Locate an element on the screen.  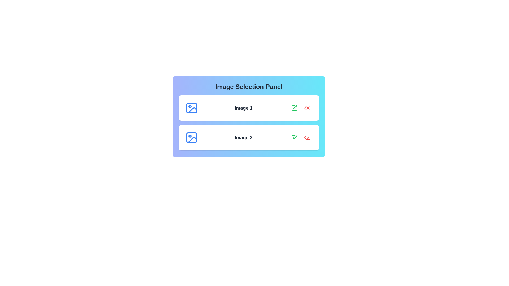
the delete button for 'Image 2' located in the bottom row of the Image Selection Panel is located at coordinates (307, 137).